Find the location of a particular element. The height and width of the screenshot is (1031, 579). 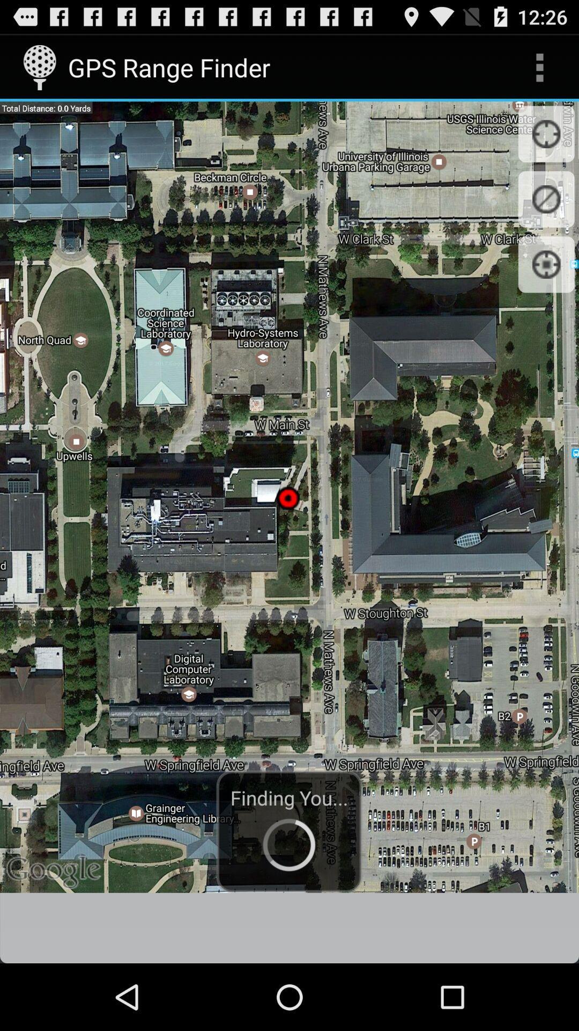

icon to the right of the gps range finder is located at coordinates (539, 67).